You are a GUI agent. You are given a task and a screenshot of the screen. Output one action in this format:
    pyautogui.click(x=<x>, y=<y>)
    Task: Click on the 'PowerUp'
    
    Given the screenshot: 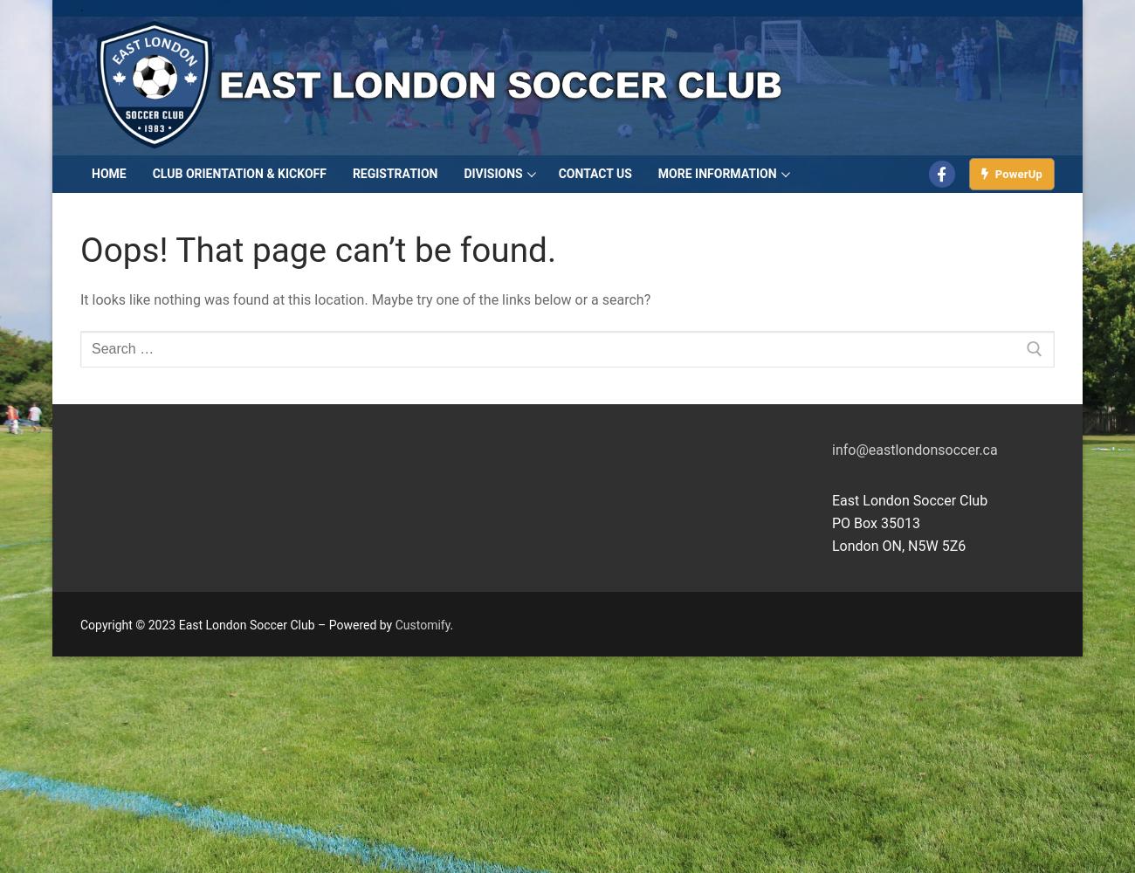 What is the action you would take?
    pyautogui.click(x=1017, y=172)
    